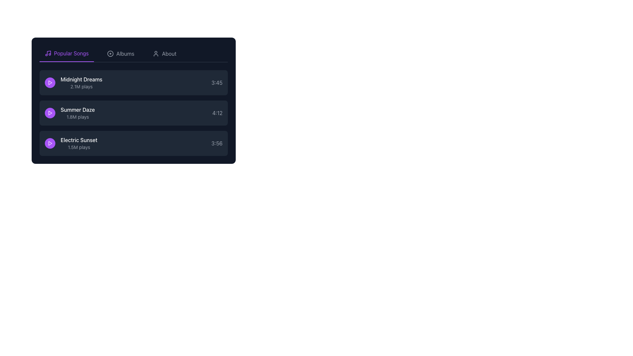 The height and width of the screenshot is (356, 633). What do you see at coordinates (50, 82) in the screenshot?
I see `the circular button with a purple background and a white play icon at its center to play the 'Midnight Dreams' song` at bounding box center [50, 82].